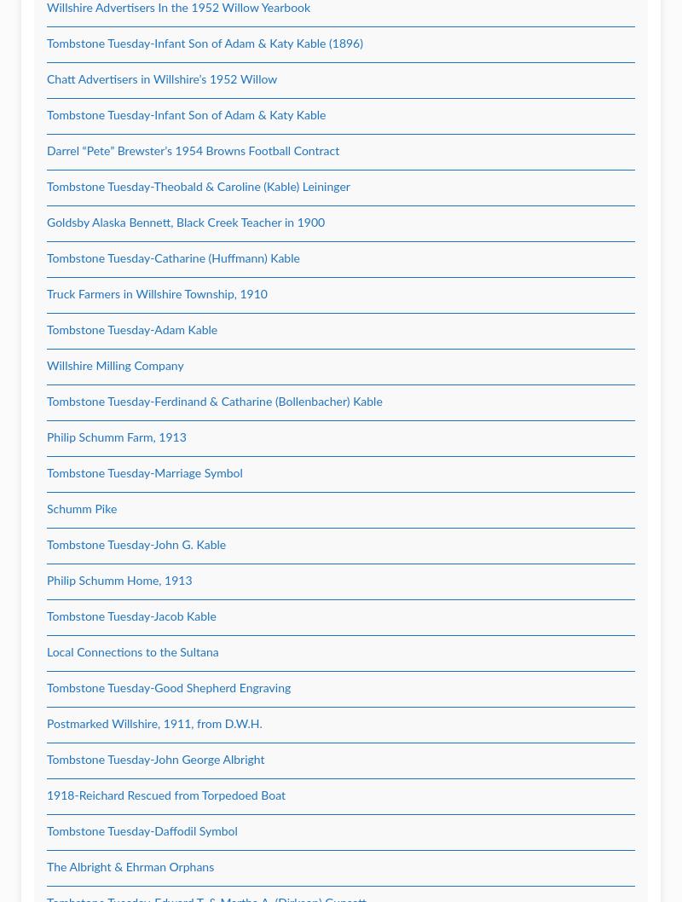 This screenshot has height=902, width=682. I want to click on 'Tombstone Tuesday-Infant Son of Adam & Katy Kable (1896)', so click(204, 43).